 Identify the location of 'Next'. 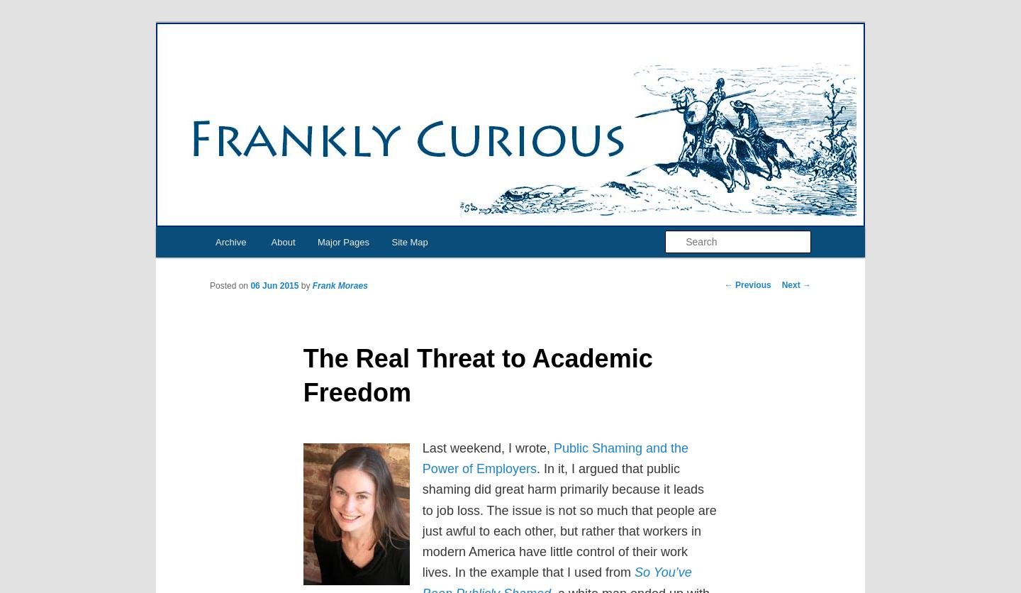
(791, 284).